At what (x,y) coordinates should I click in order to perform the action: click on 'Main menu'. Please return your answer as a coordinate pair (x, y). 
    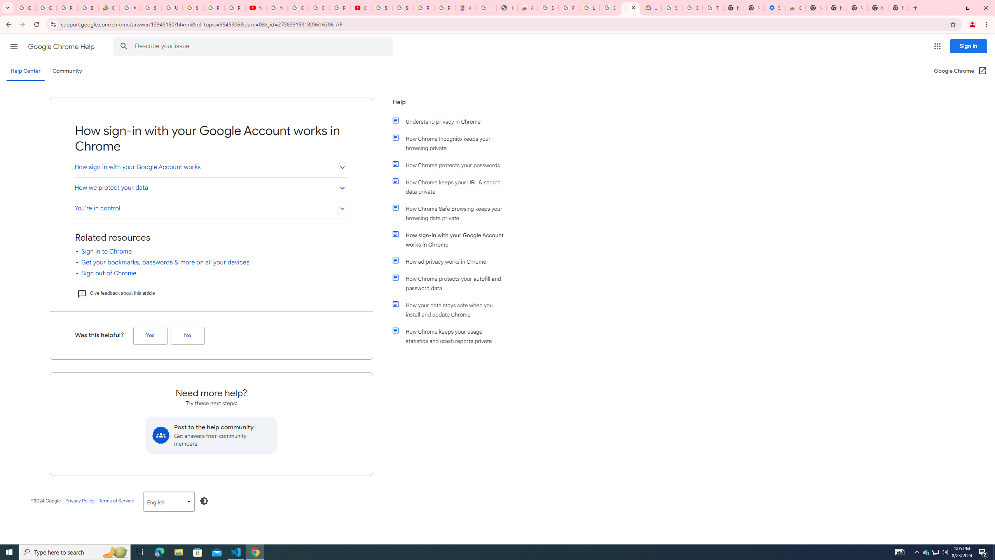
    Looking at the image, I should click on (13, 46).